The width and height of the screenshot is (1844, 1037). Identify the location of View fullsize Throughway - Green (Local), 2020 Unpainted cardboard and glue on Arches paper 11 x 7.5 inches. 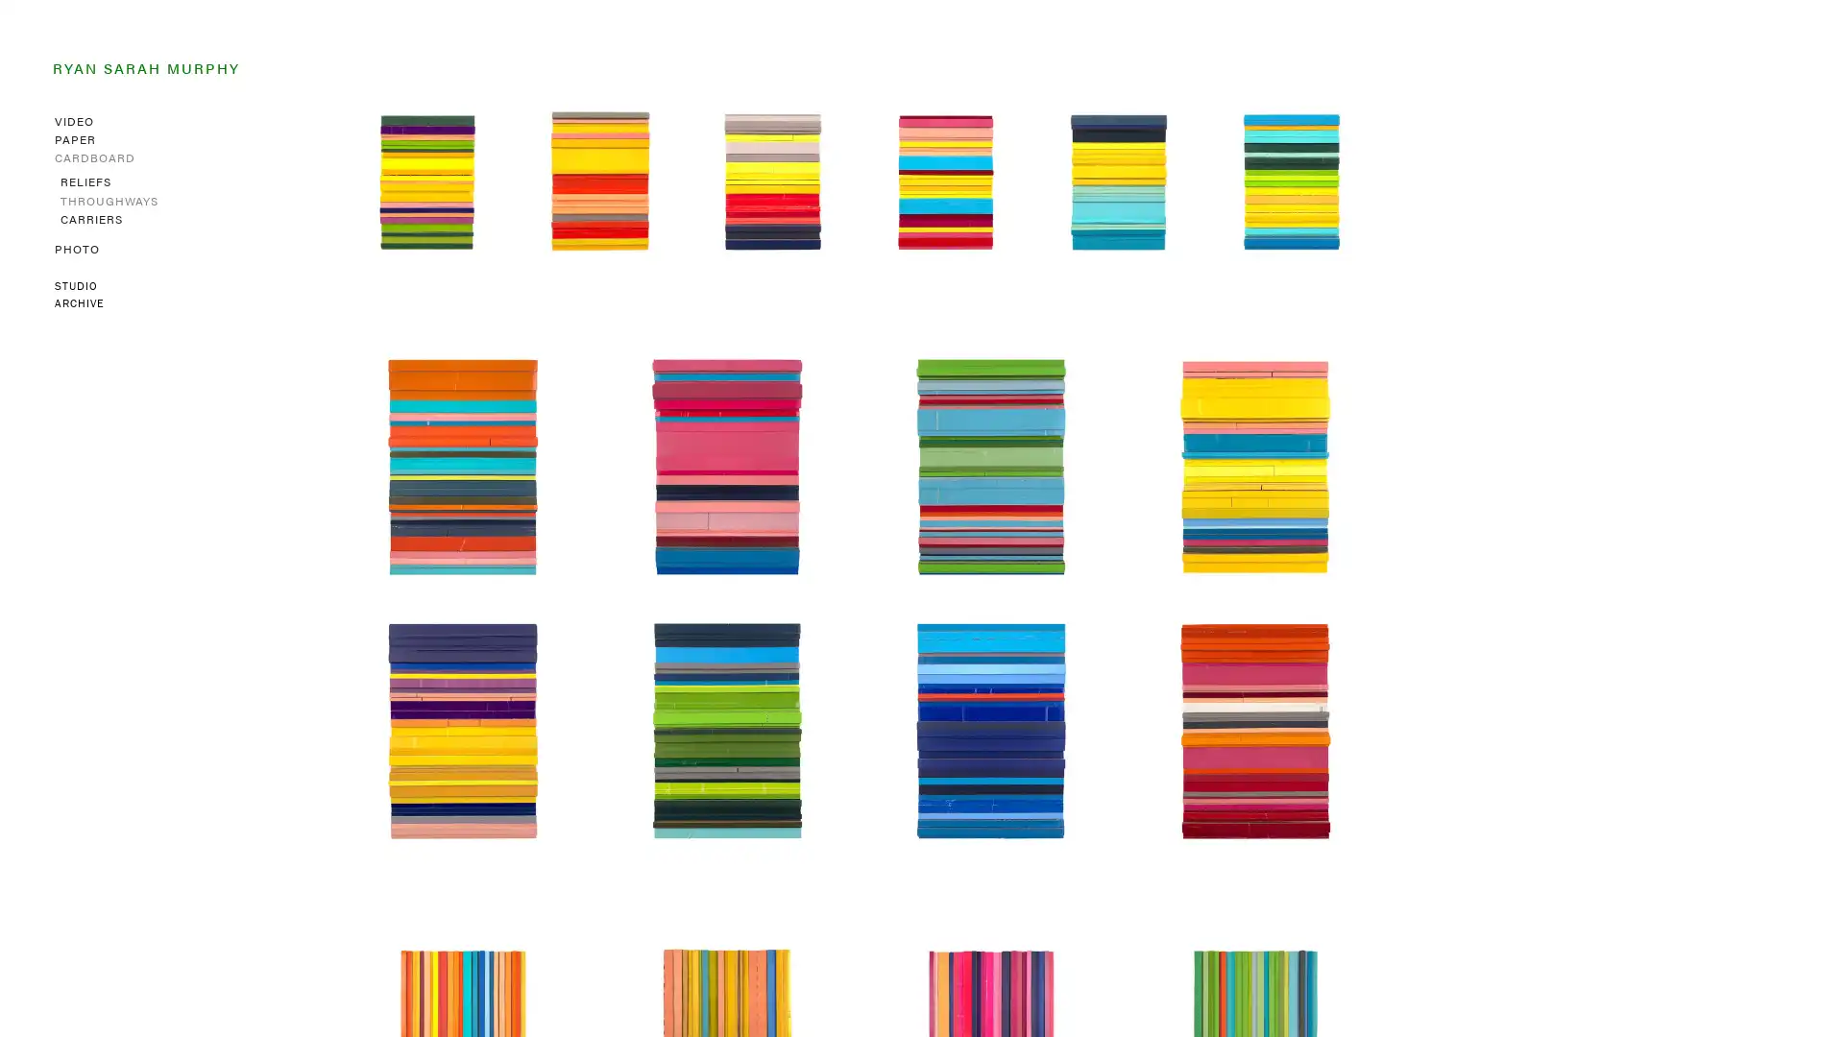
(726, 731).